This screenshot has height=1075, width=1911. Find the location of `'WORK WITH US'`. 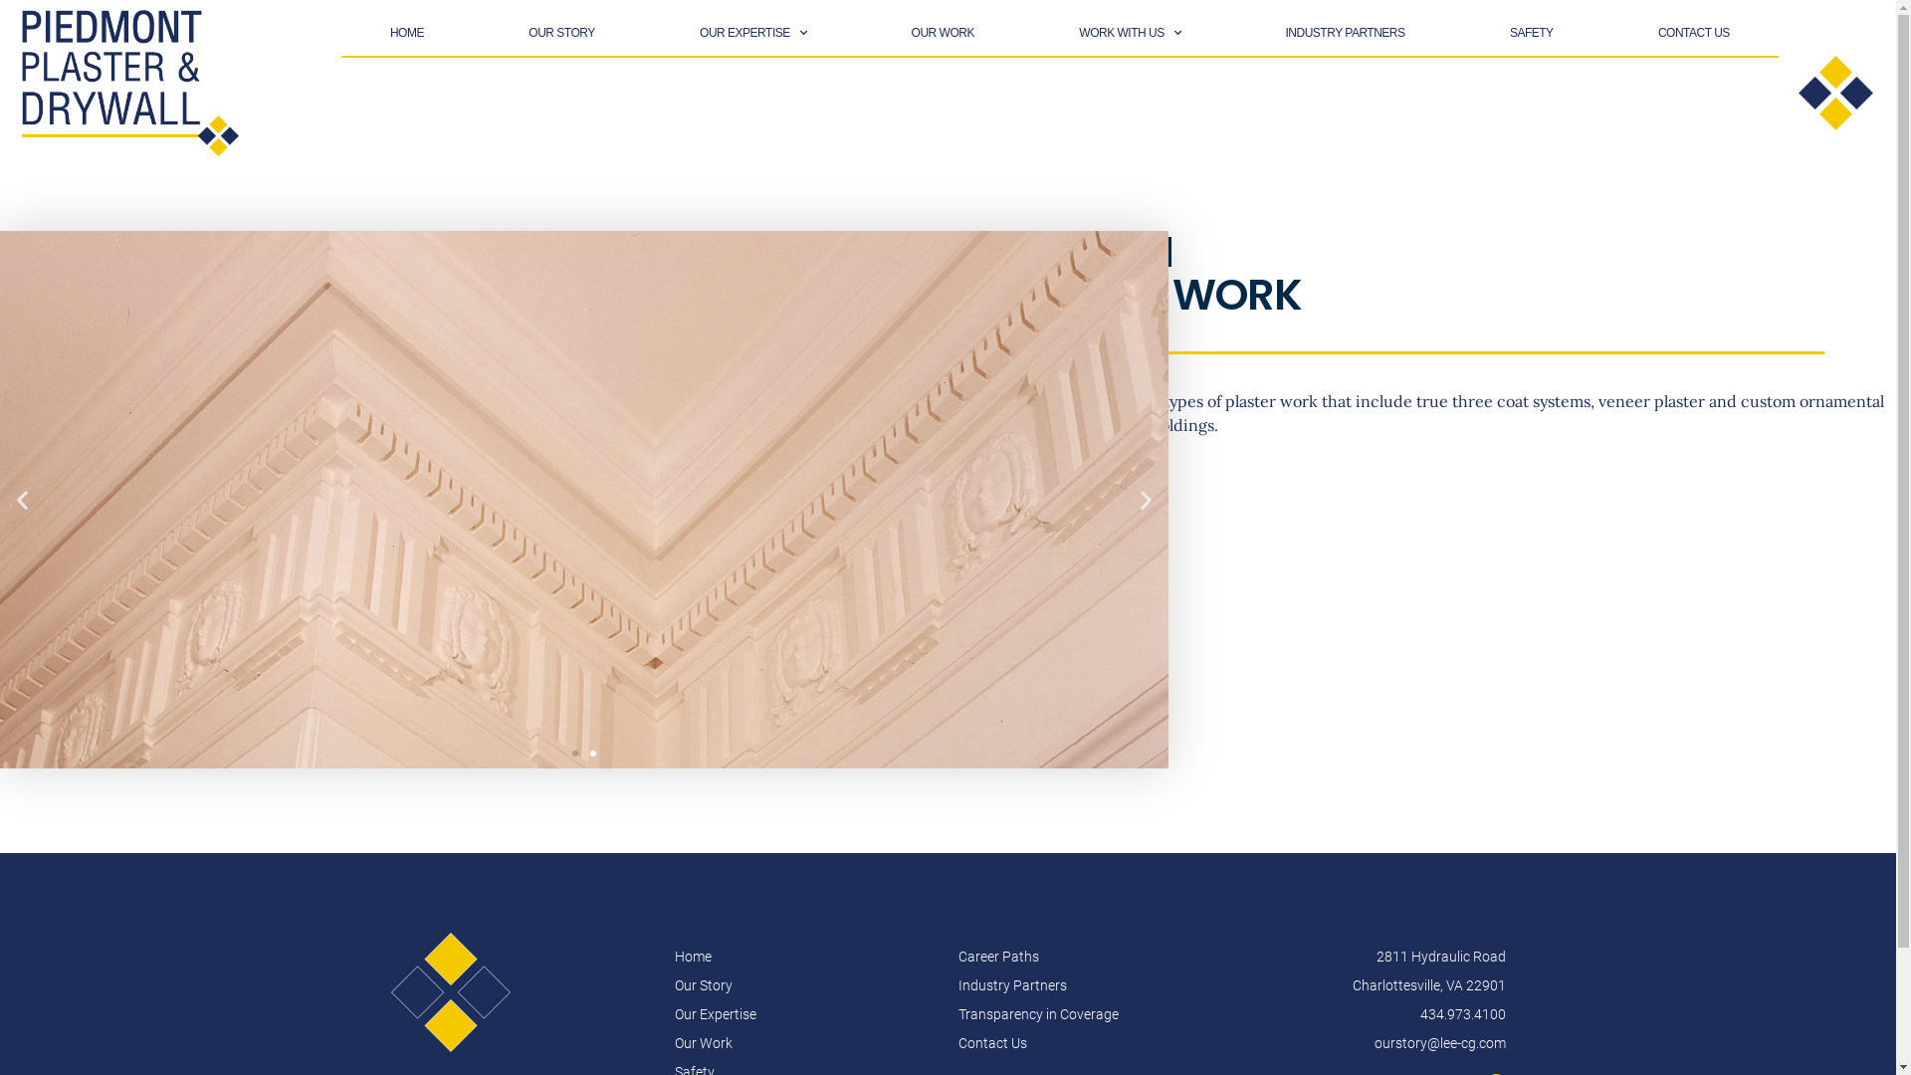

'WORK WITH US' is located at coordinates (1129, 33).